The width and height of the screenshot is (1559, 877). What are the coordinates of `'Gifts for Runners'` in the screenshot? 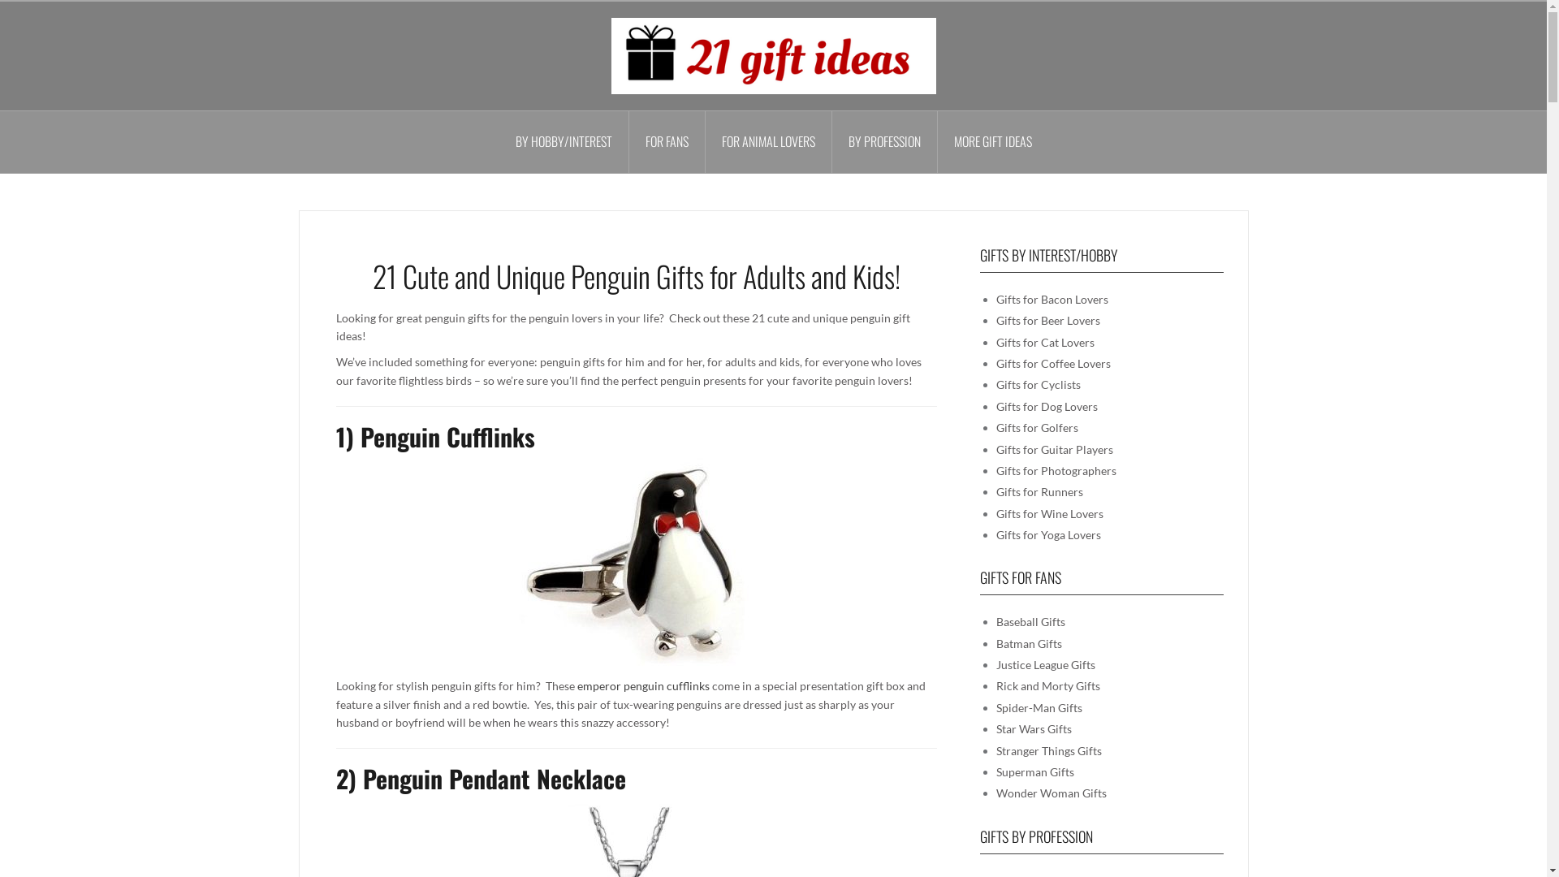 It's located at (1038, 490).